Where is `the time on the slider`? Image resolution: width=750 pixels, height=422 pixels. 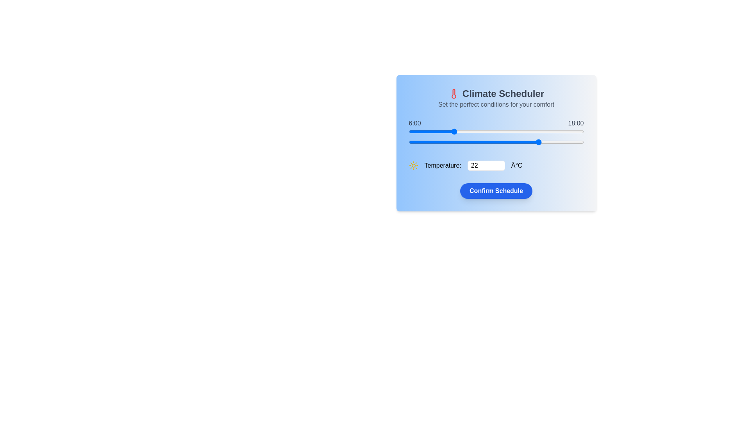 the time on the slider is located at coordinates (408, 131).